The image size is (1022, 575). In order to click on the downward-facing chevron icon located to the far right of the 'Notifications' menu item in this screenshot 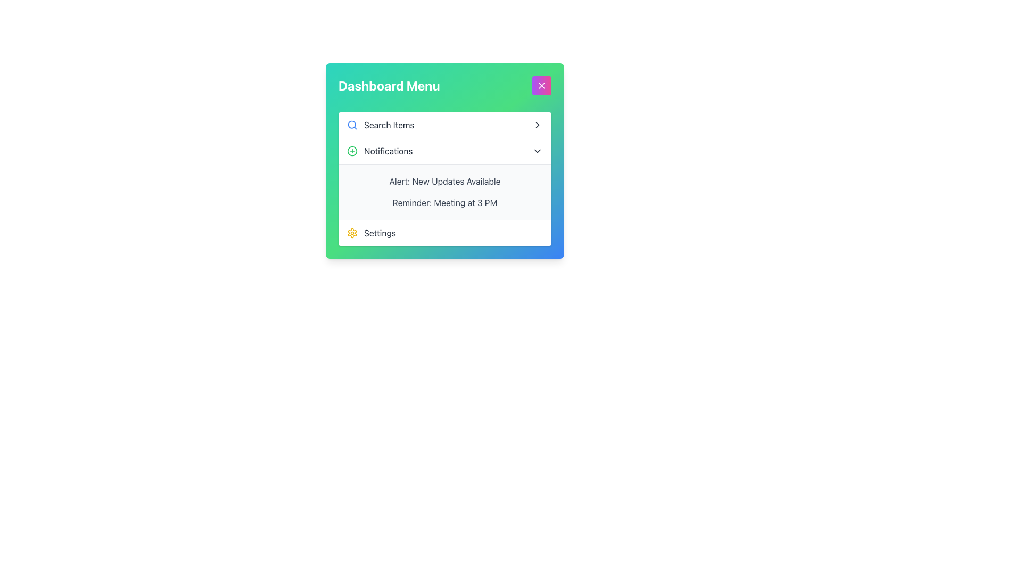, I will do `click(537, 151)`.